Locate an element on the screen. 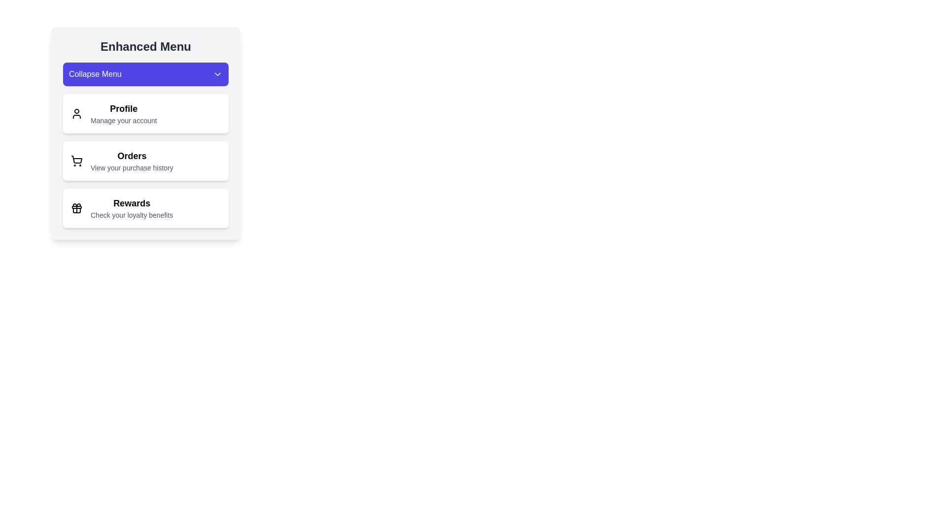 This screenshot has height=532, width=946. the Downward Chevron Icon located at the right end of the 'Collapse Menu' button is located at coordinates (217, 73).